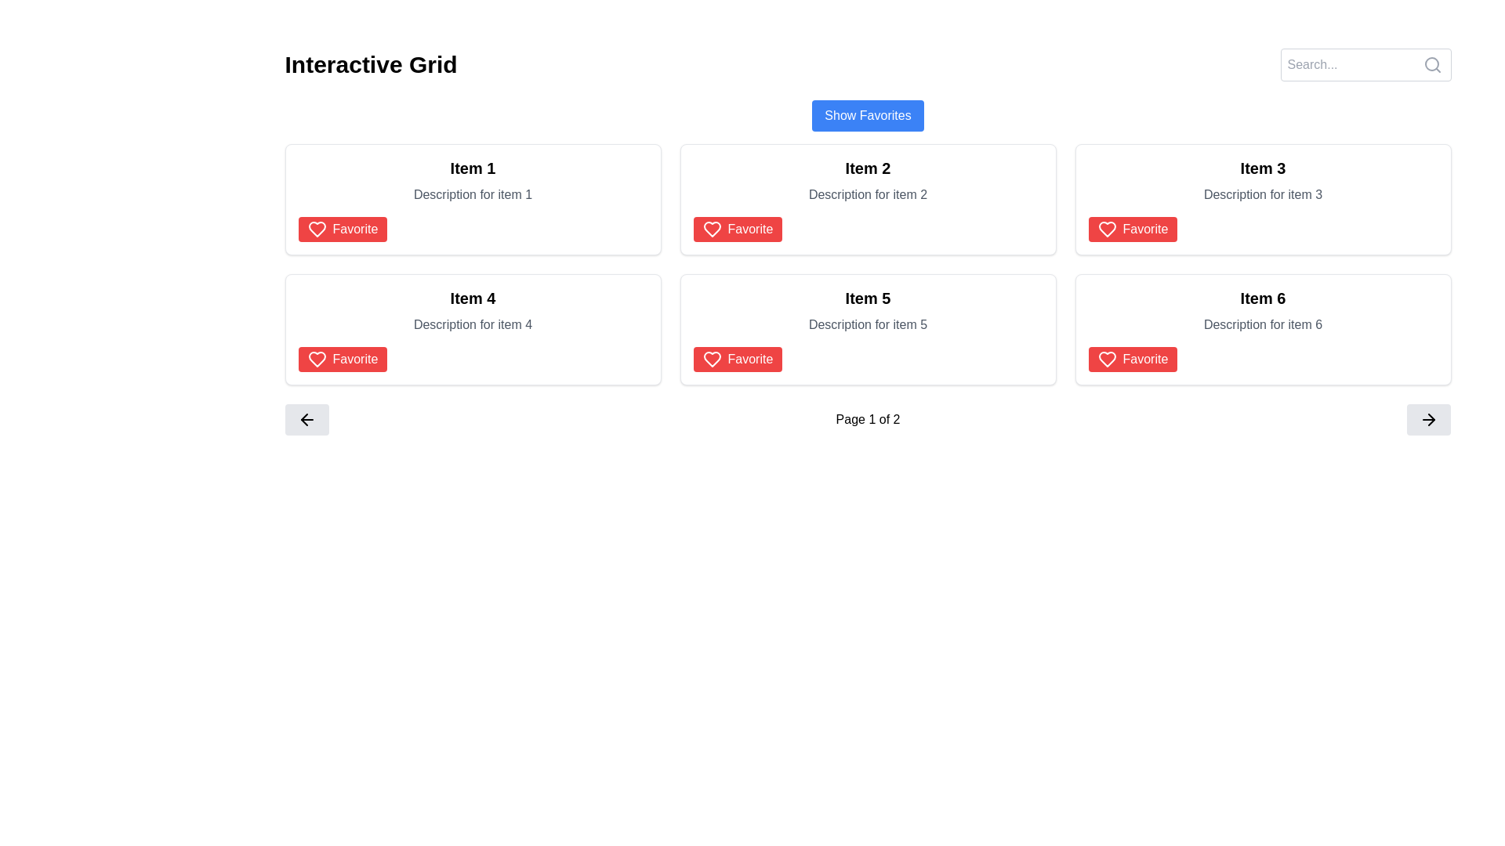  I want to click on the 'Favorite' toggle button located within the card labeled 'Item 4', positioned below the description text 'Description for item 4', so click(342, 360).